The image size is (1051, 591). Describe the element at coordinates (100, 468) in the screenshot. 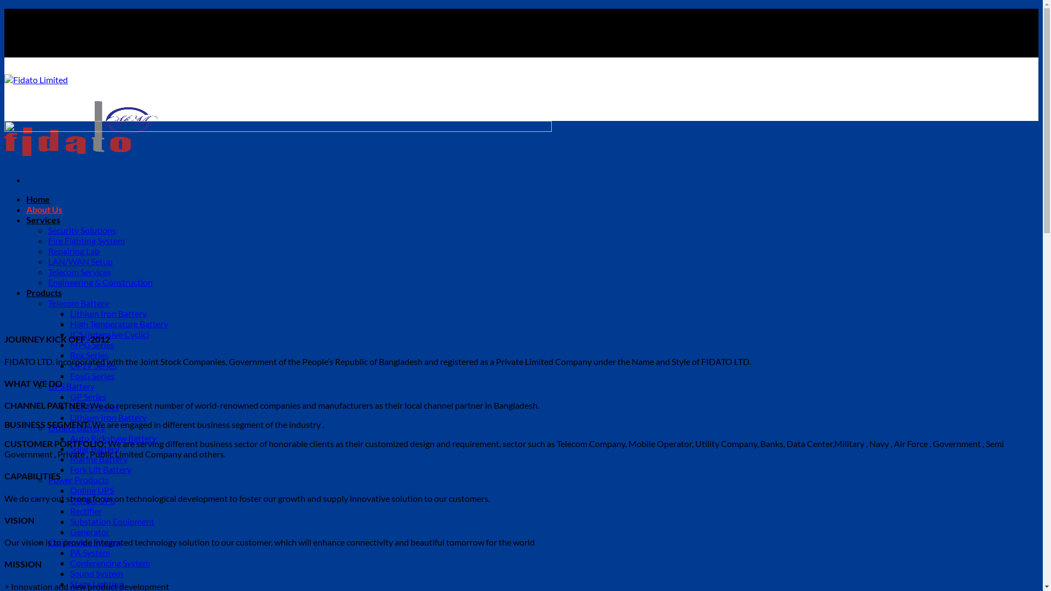

I see `'Fork Lift Battery'` at that location.